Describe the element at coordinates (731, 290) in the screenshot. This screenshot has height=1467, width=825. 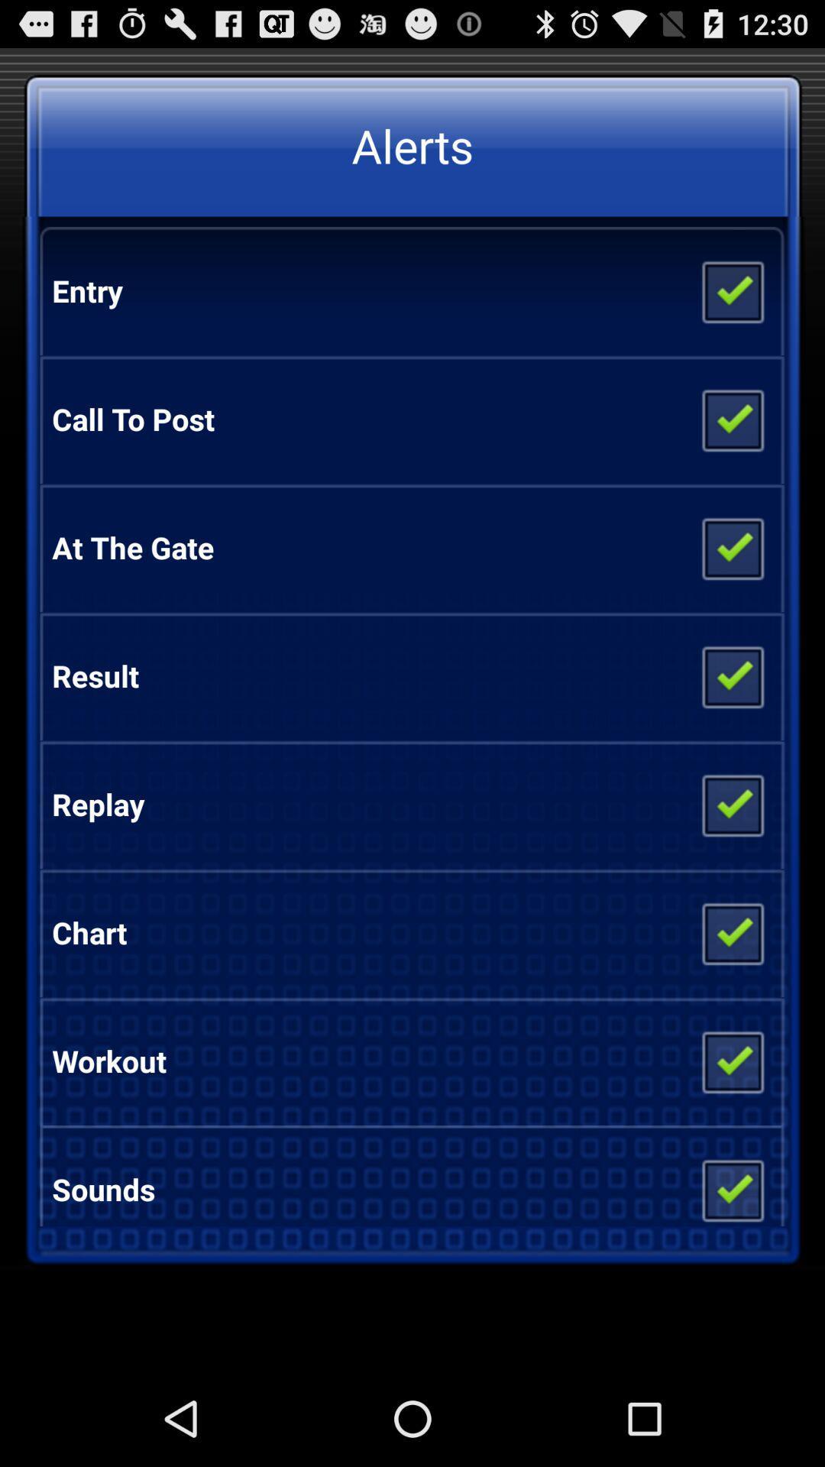
I see `the item to the right of the entry item` at that location.